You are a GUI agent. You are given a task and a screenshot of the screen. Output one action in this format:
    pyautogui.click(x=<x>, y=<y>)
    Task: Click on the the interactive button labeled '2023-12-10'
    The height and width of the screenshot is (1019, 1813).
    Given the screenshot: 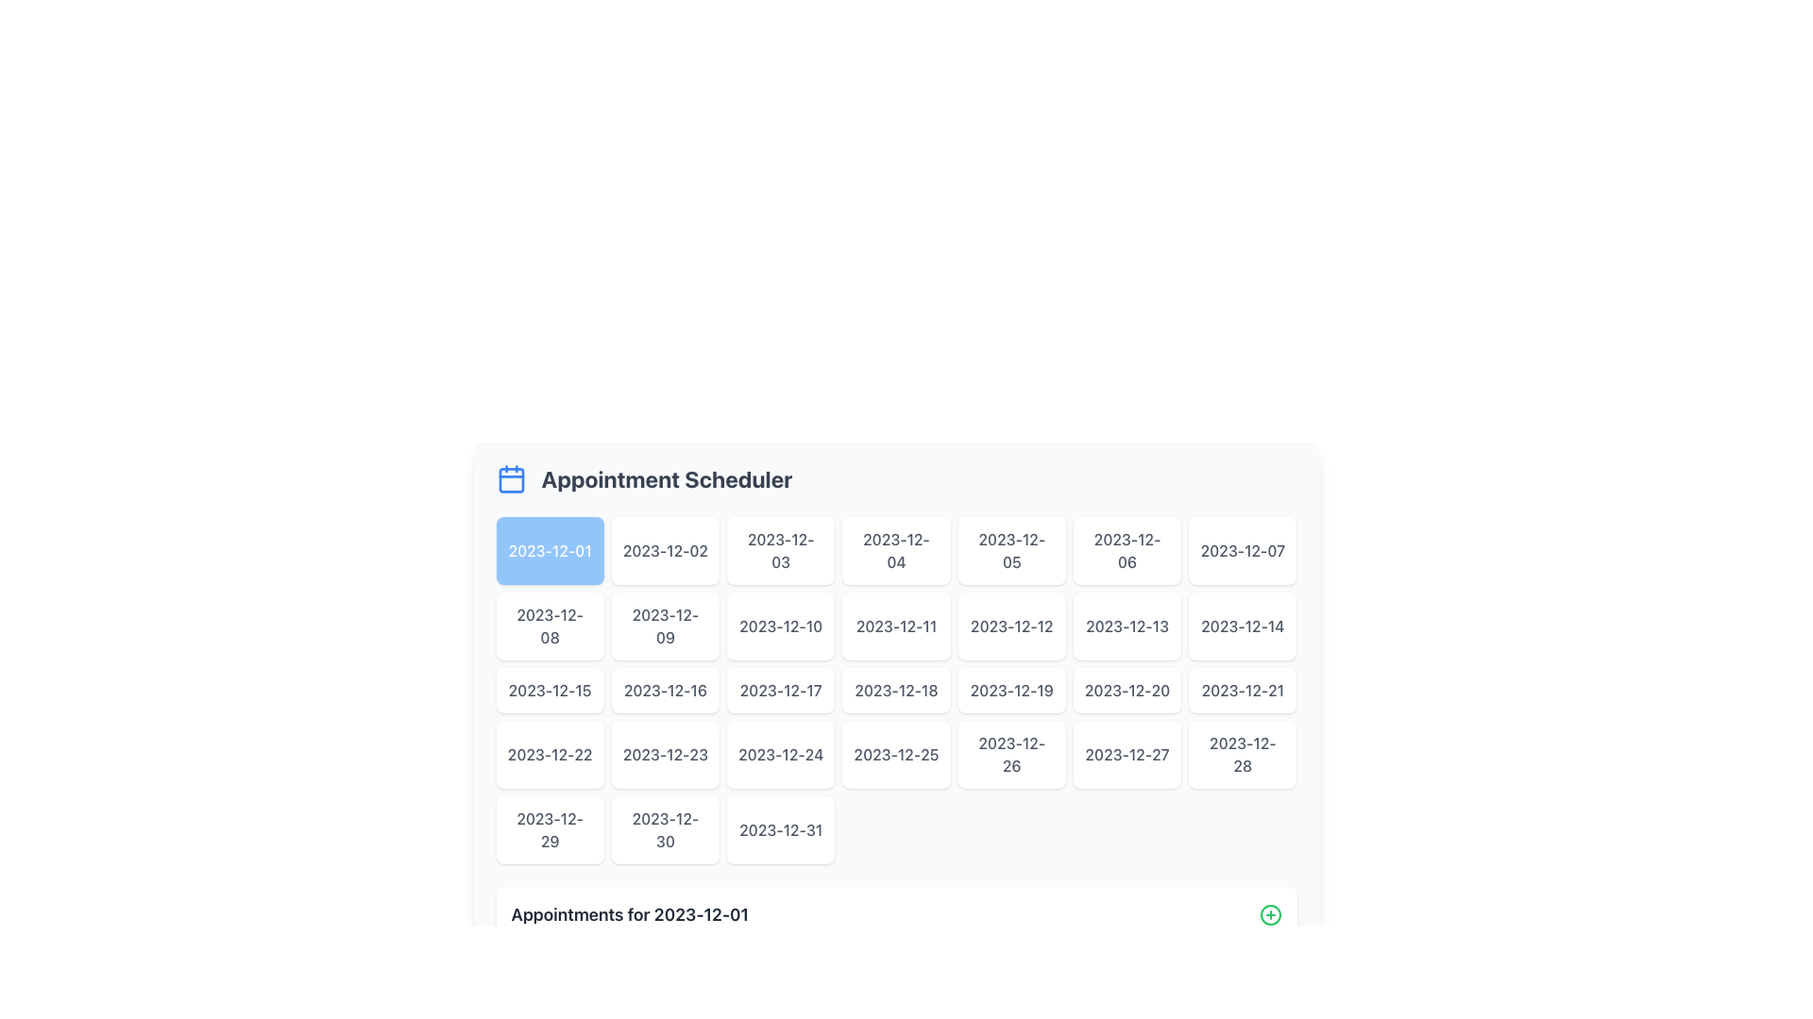 What is the action you would take?
    pyautogui.click(x=781, y=626)
    